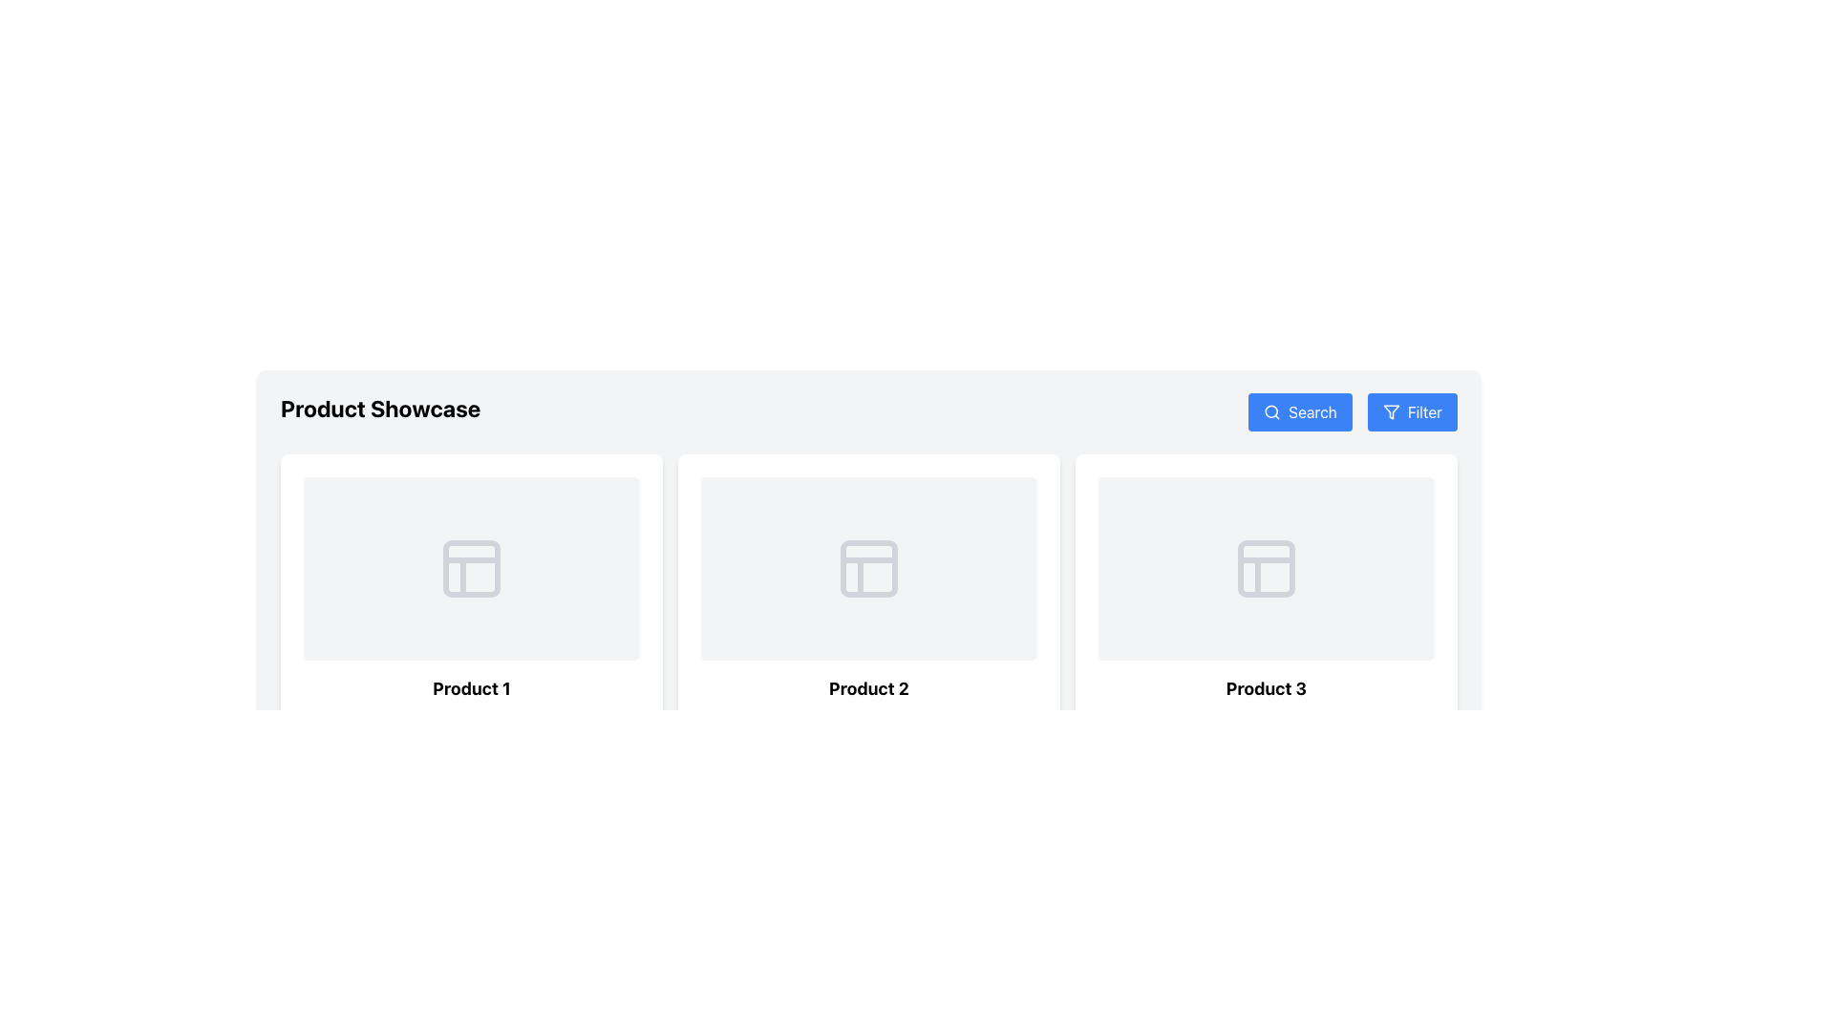 This screenshot has height=1031, width=1834. I want to click on the filtering button icon located at the top-right corner of the interface to trigger the tooltip or effect, so click(1391, 411).